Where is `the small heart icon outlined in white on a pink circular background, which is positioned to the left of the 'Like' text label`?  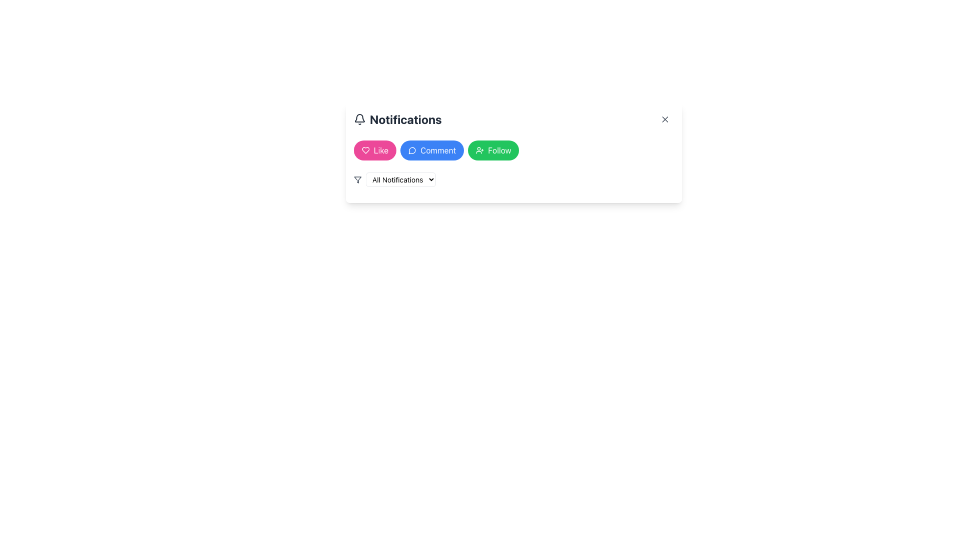
the small heart icon outlined in white on a pink circular background, which is positioned to the left of the 'Like' text label is located at coordinates (365, 150).